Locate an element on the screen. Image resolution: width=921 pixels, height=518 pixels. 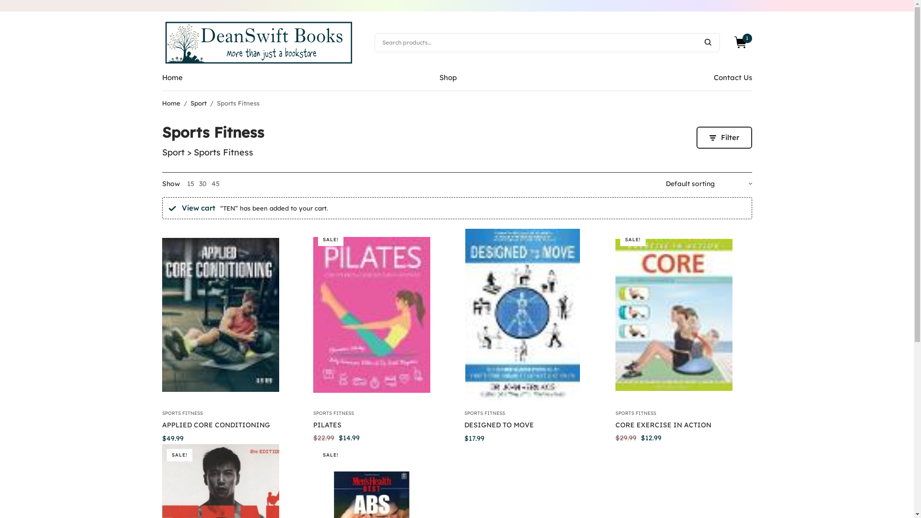
'CORE EXERCISE IN ACTION' is located at coordinates (662, 424).